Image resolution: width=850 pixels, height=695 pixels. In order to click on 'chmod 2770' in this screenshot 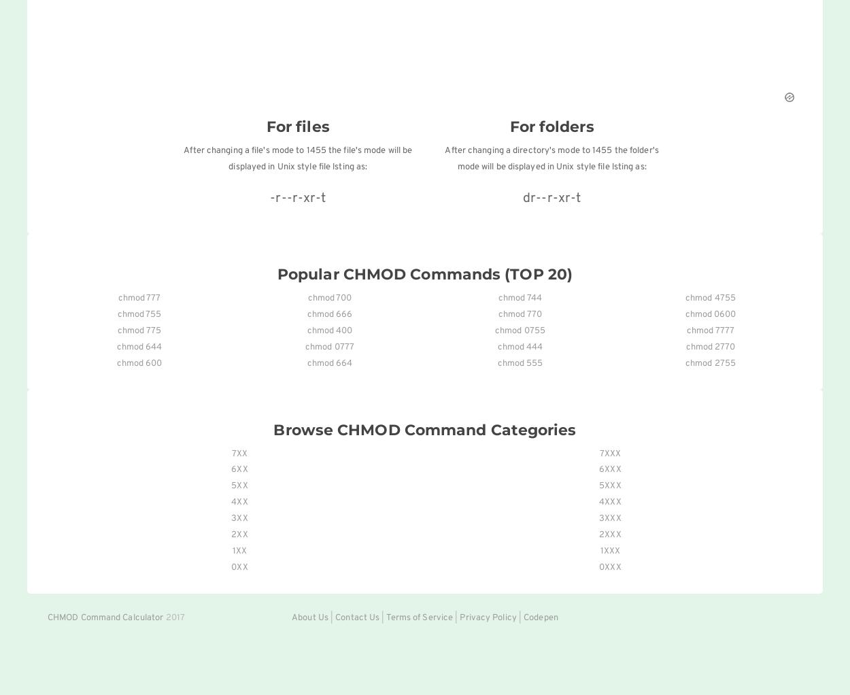, I will do `click(685, 346)`.